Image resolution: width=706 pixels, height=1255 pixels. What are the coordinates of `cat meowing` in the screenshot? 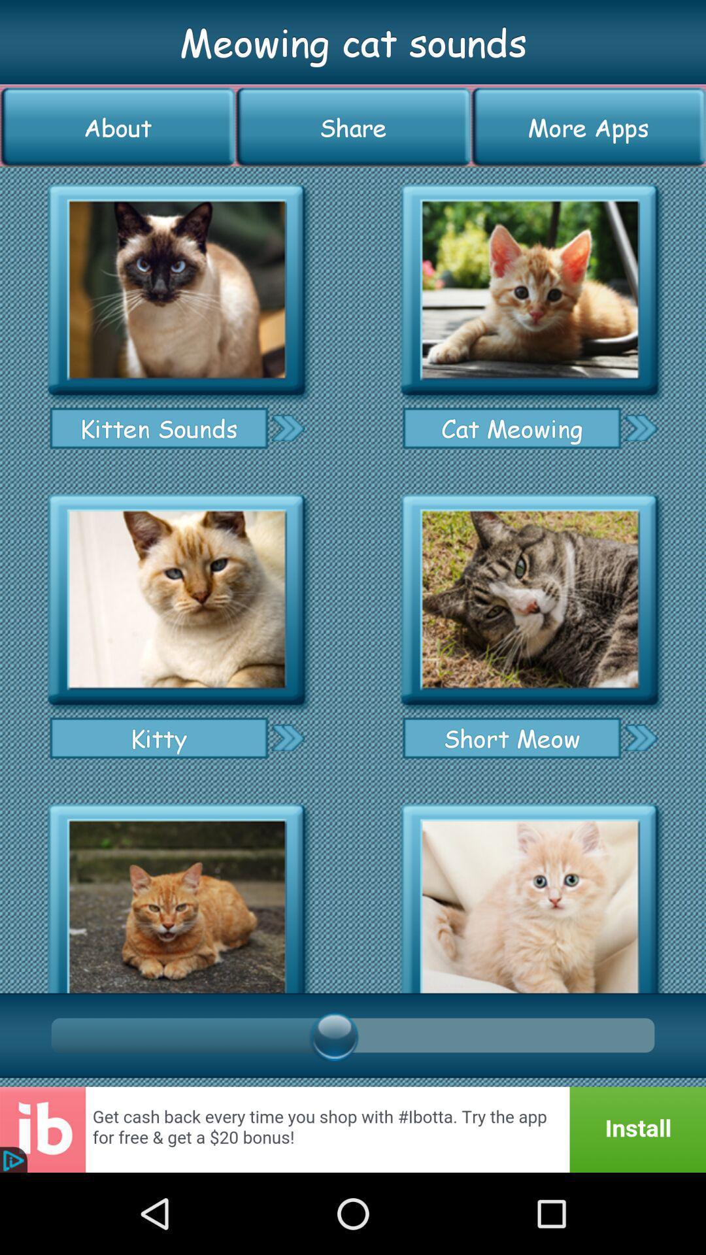 It's located at (529, 290).